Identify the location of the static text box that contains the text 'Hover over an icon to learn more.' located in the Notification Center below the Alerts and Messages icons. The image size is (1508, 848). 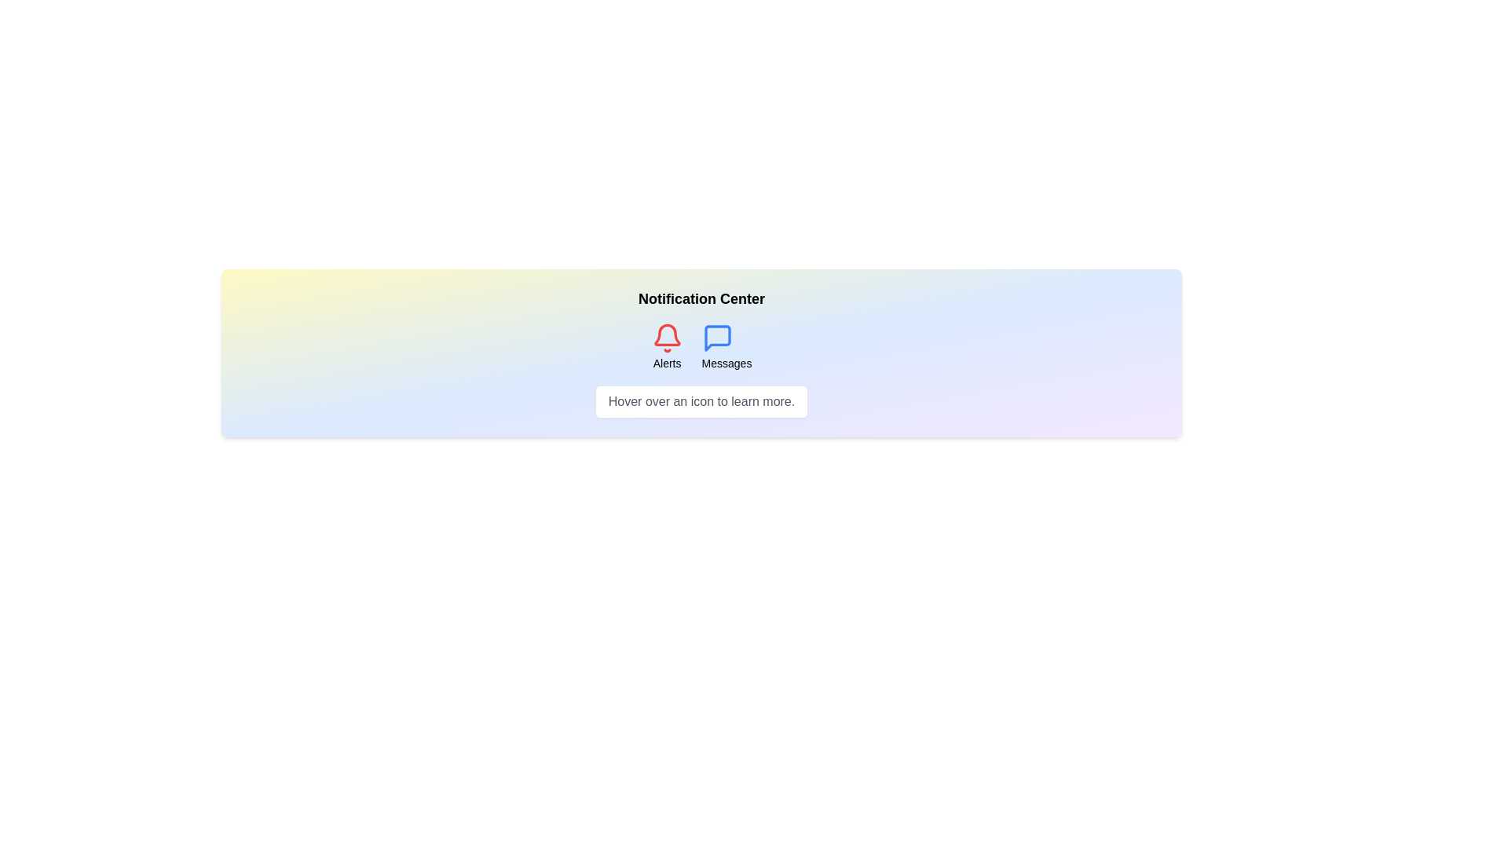
(701, 401).